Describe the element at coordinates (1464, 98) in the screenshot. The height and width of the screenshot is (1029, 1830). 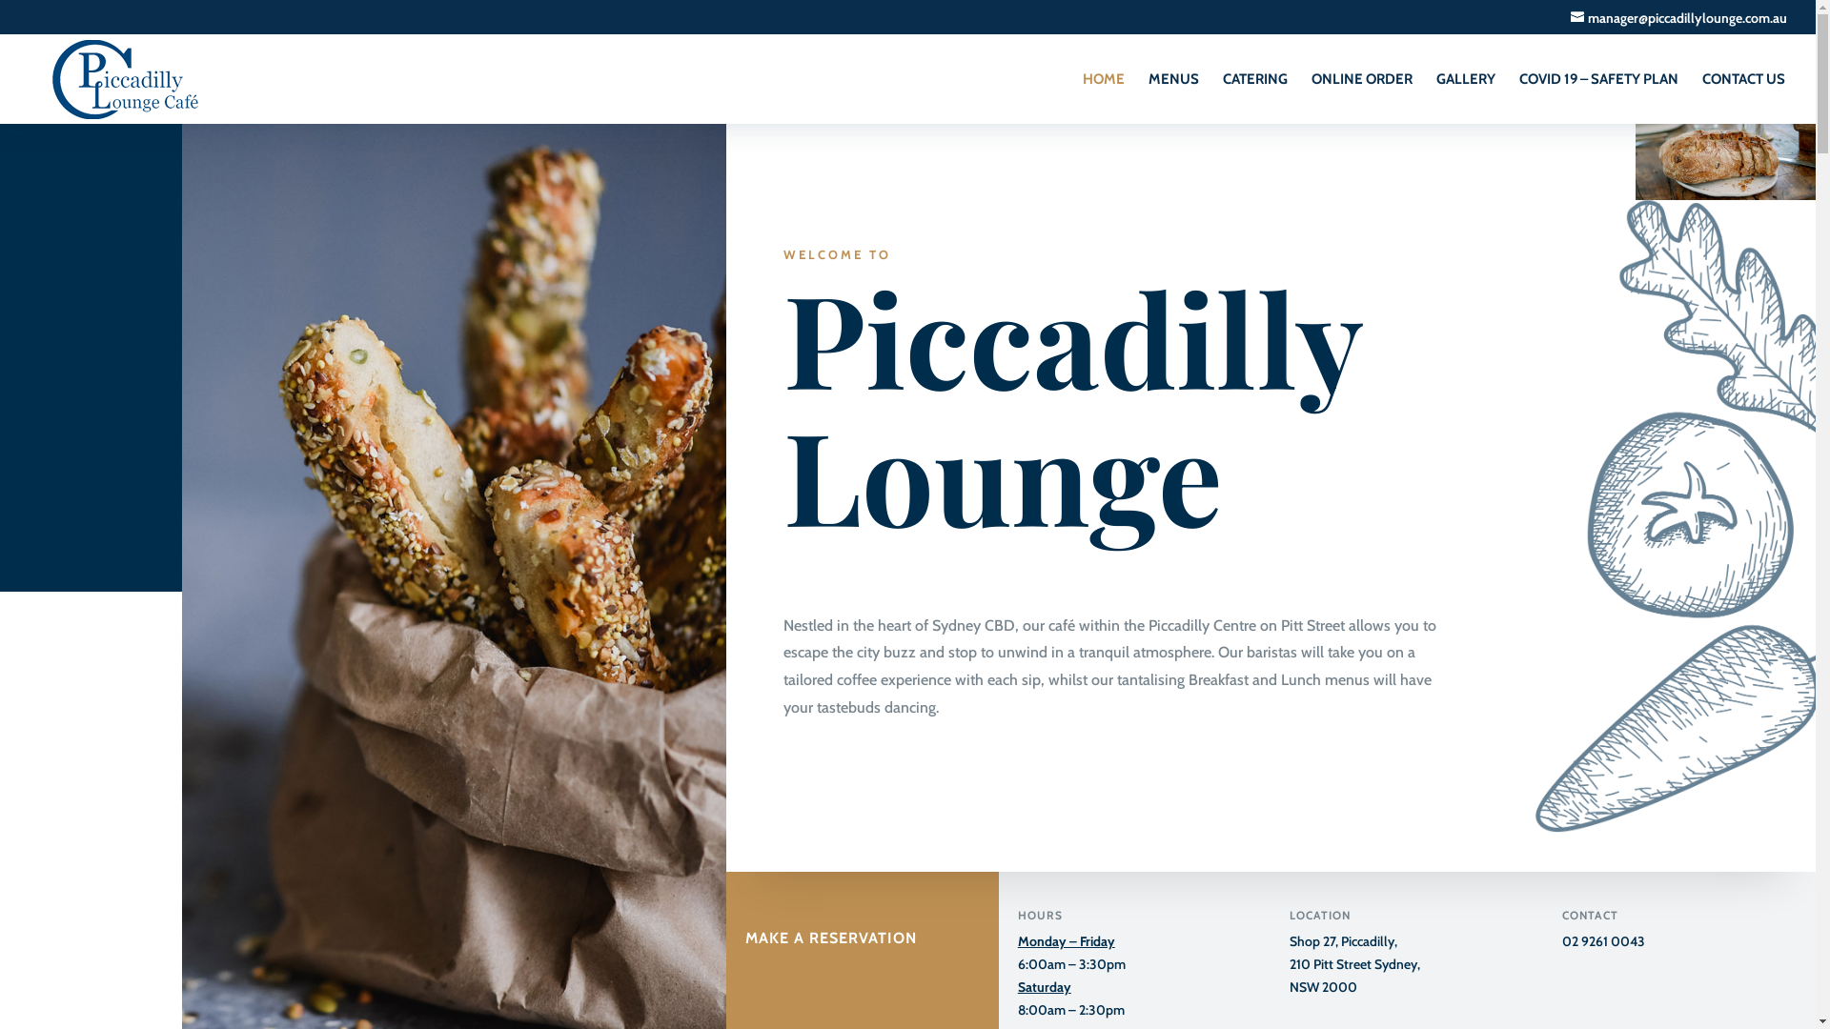
I see `'GALLERY'` at that location.